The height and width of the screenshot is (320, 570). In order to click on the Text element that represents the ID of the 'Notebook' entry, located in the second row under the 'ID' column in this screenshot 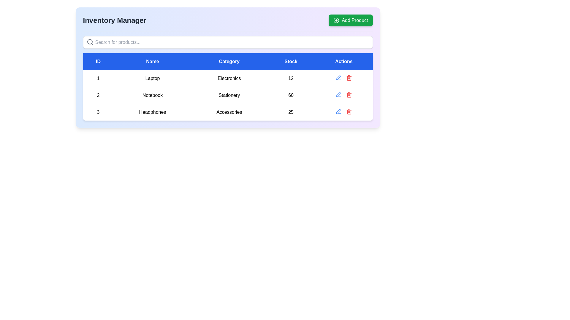, I will do `click(98, 95)`.